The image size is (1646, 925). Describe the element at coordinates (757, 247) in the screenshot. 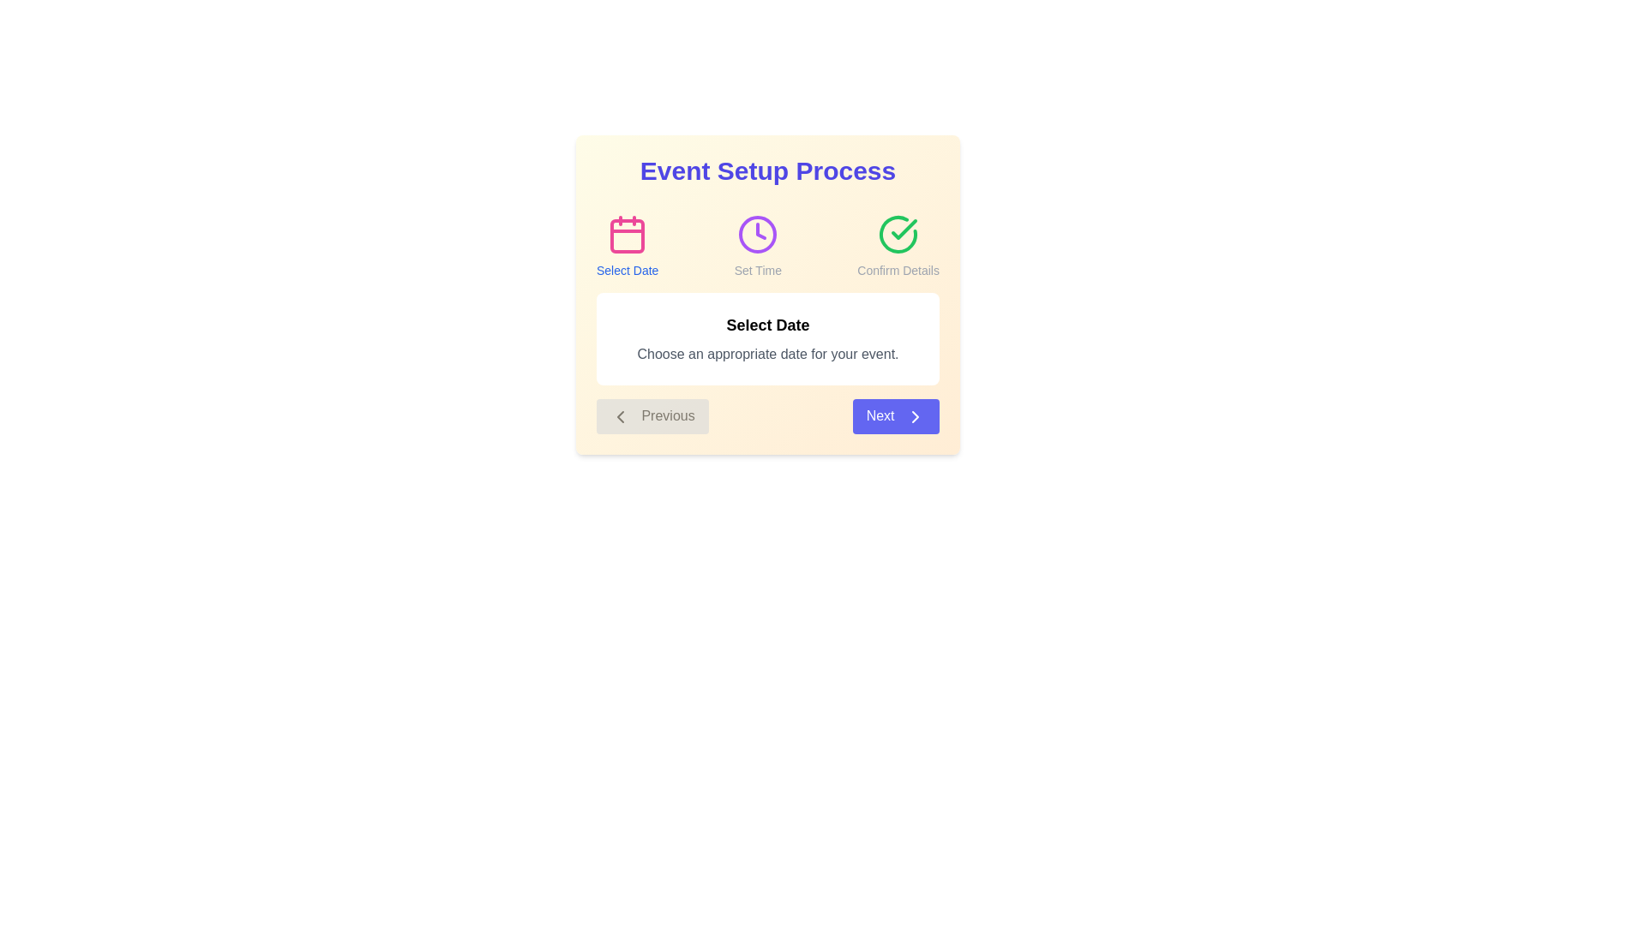

I see `the step indicator for Set Time to view its description` at that location.